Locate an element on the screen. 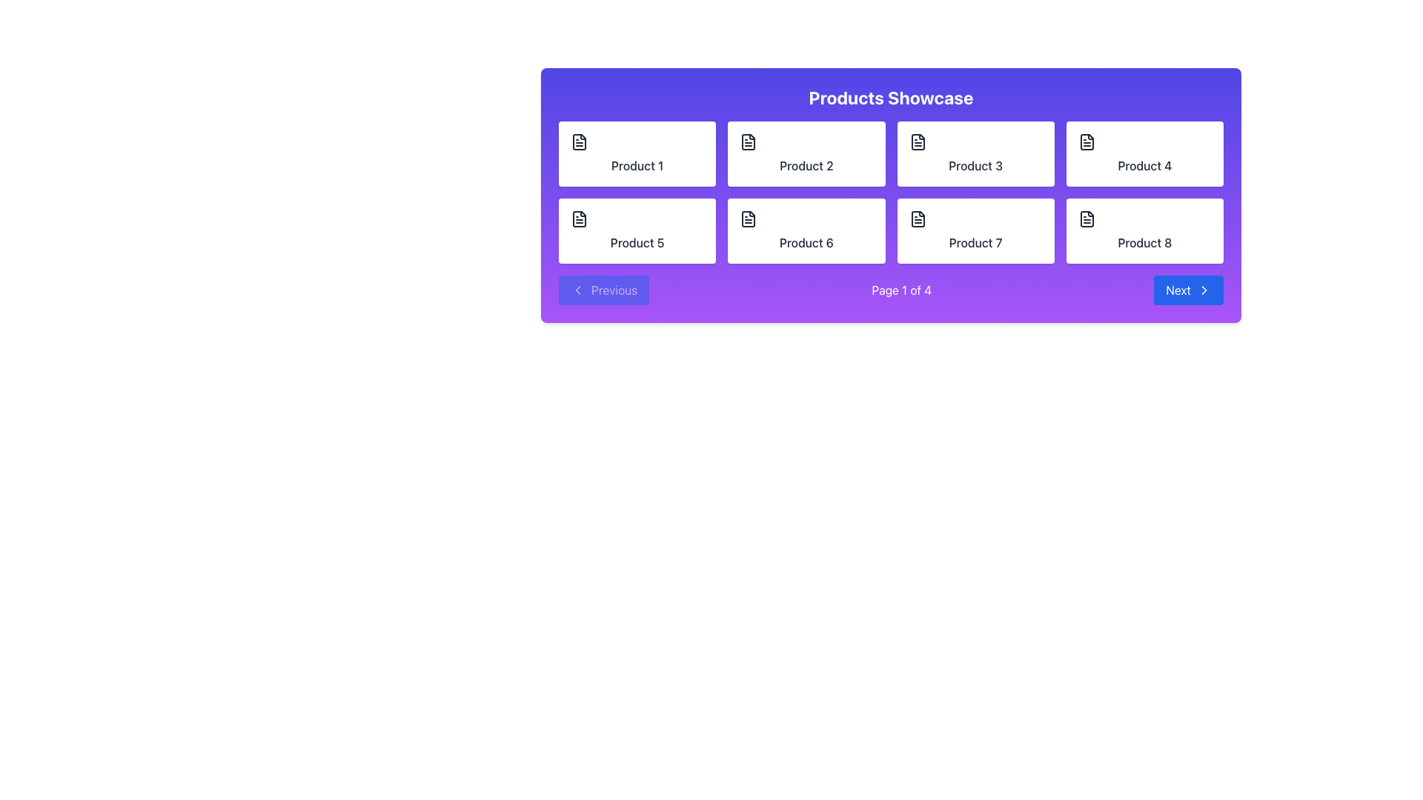 The image size is (1423, 800). the Text Label that serves as a title for the section displaying product information, located at the top-center of the colorful box above the product grid is located at coordinates (890, 97).